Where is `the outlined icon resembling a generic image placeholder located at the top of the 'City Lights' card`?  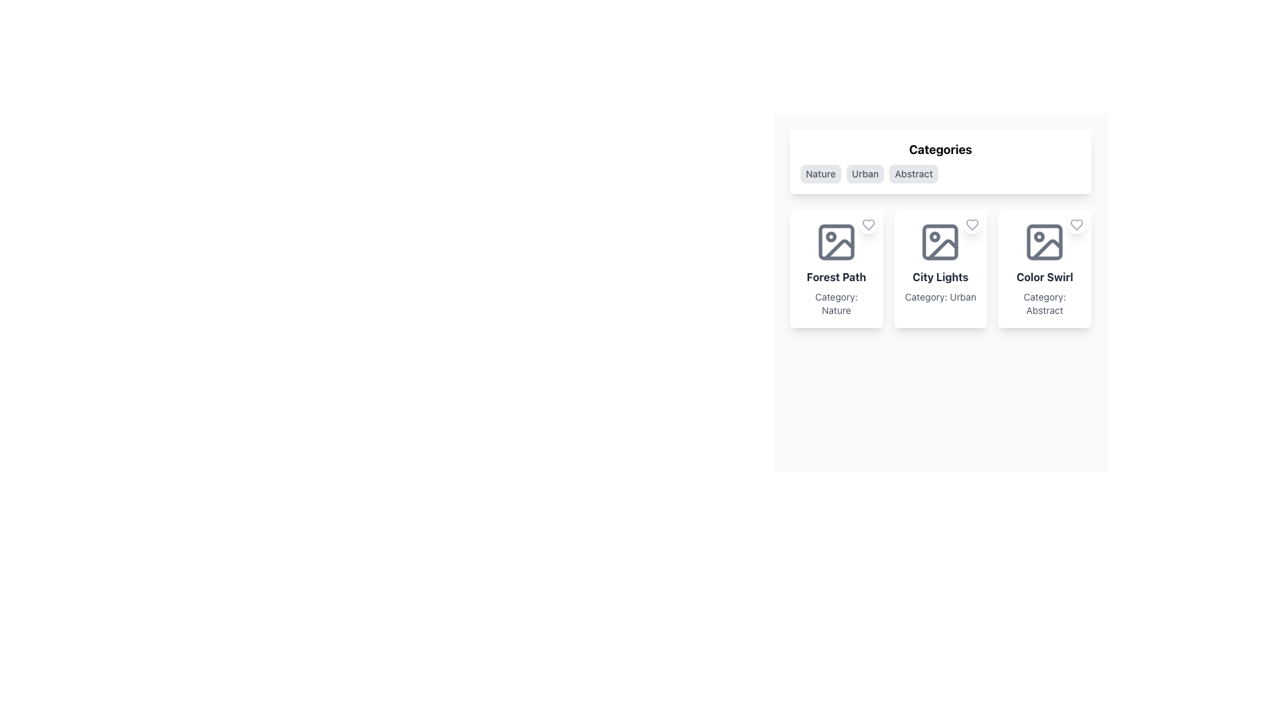
the outlined icon resembling a generic image placeholder located at the top of the 'City Lights' card is located at coordinates (940, 242).